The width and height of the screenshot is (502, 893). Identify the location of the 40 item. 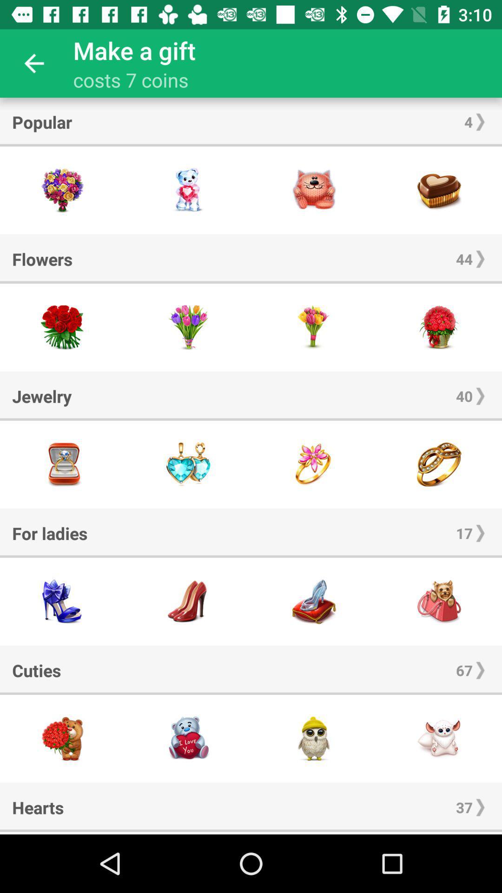
(464, 396).